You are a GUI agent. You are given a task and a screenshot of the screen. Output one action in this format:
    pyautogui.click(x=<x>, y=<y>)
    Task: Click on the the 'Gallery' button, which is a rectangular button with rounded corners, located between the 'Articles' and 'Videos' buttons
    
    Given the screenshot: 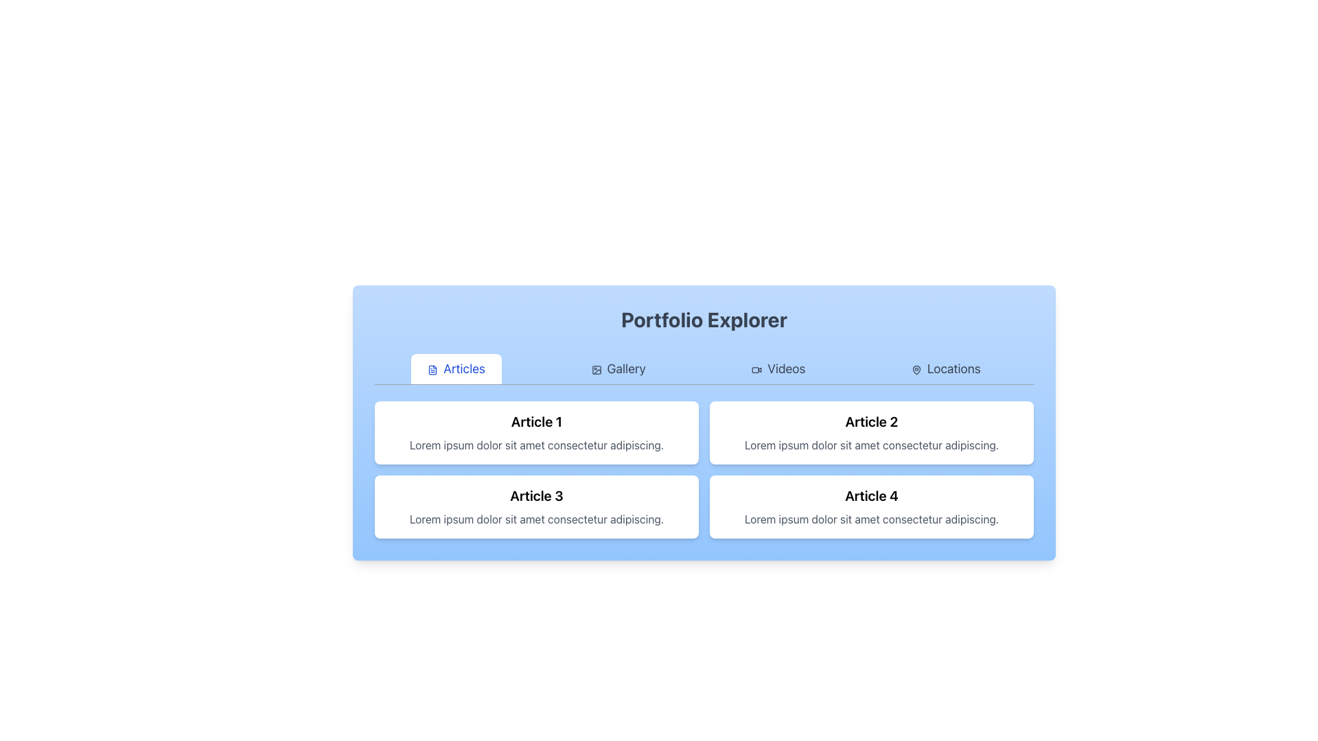 What is the action you would take?
    pyautogui.click(x=618, y=368)
    